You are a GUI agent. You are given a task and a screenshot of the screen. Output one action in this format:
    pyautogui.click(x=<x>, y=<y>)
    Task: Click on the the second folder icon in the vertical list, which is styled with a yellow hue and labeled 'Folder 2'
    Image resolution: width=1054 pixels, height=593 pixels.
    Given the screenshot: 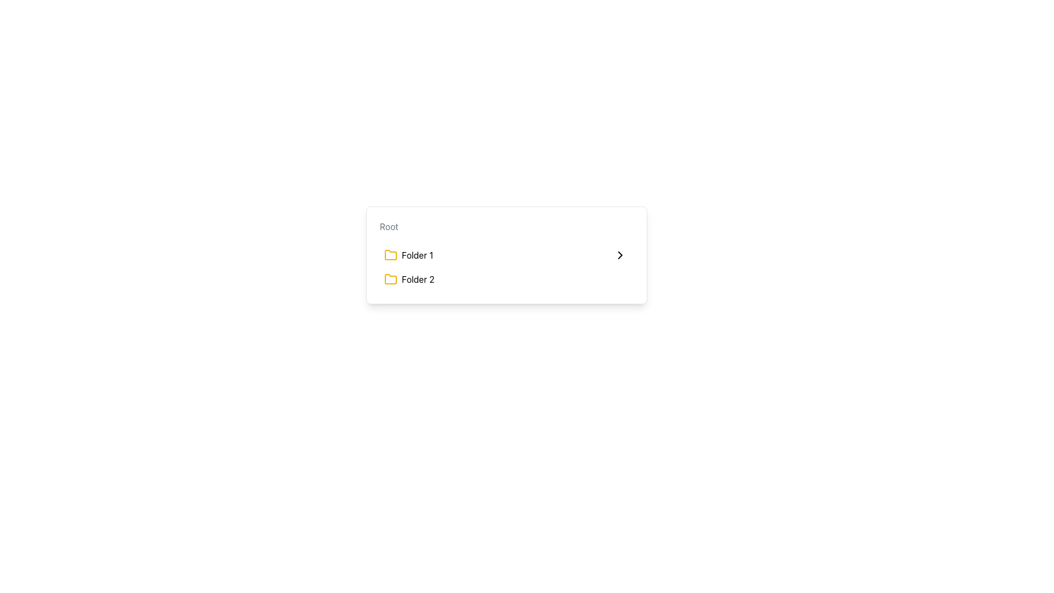 What is the action you would take?
    pyautogui.click(x=390, y=278)
    